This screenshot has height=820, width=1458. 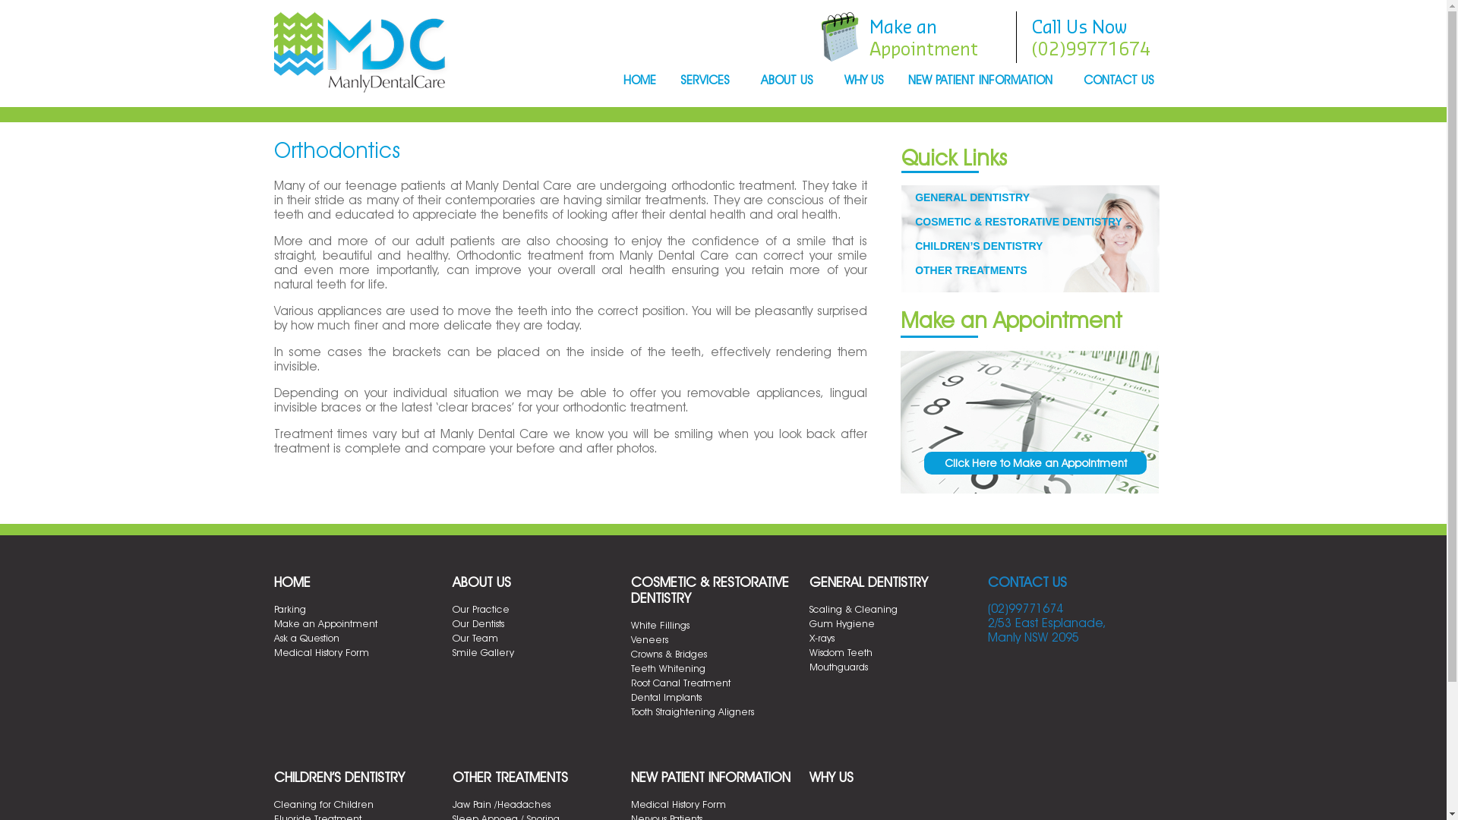 What do you see at coordinates (830, 777) in the screenshot?
I see `'WHY US'` at bounding box center [830, 777].